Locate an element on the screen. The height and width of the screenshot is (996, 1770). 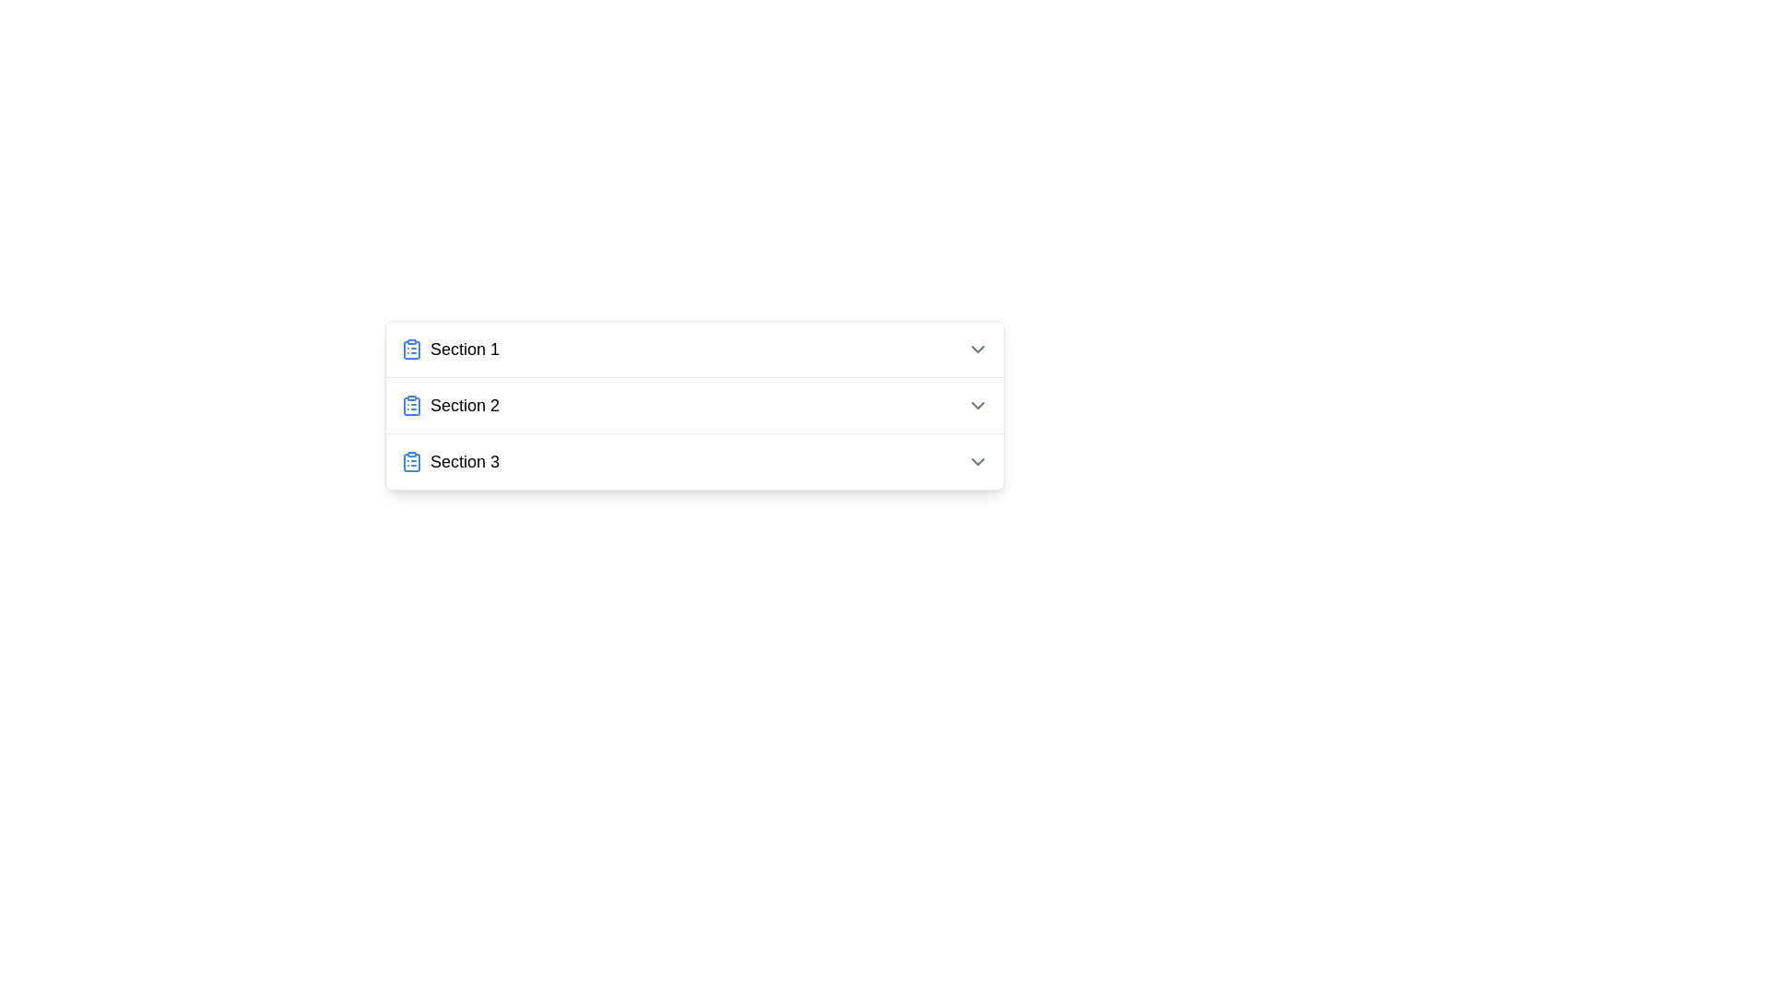
the interactive label with an icon representing 'Section 1', which is the first entry in a vertical list located at the top of the list is located at coordinates (450, 349).